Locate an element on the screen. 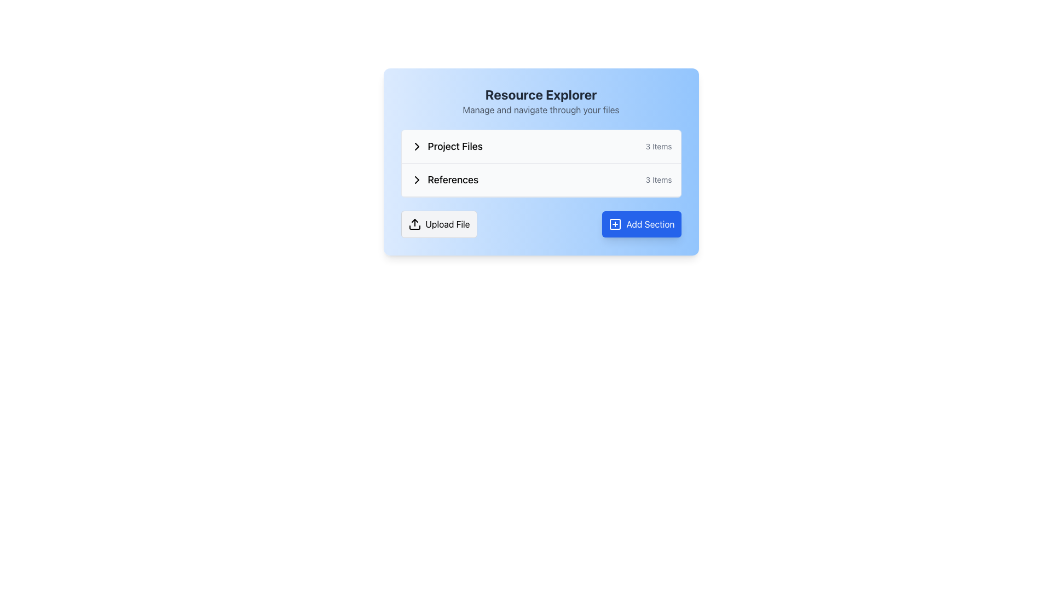 This screenshot has width=1051, height=591. the blue button labeled 'Add Section' that contains an SVG icon of a square with an embedded plus sign, located in the bottom right region of the 'Resource Explorer' card is located at coordinates (615, 223).